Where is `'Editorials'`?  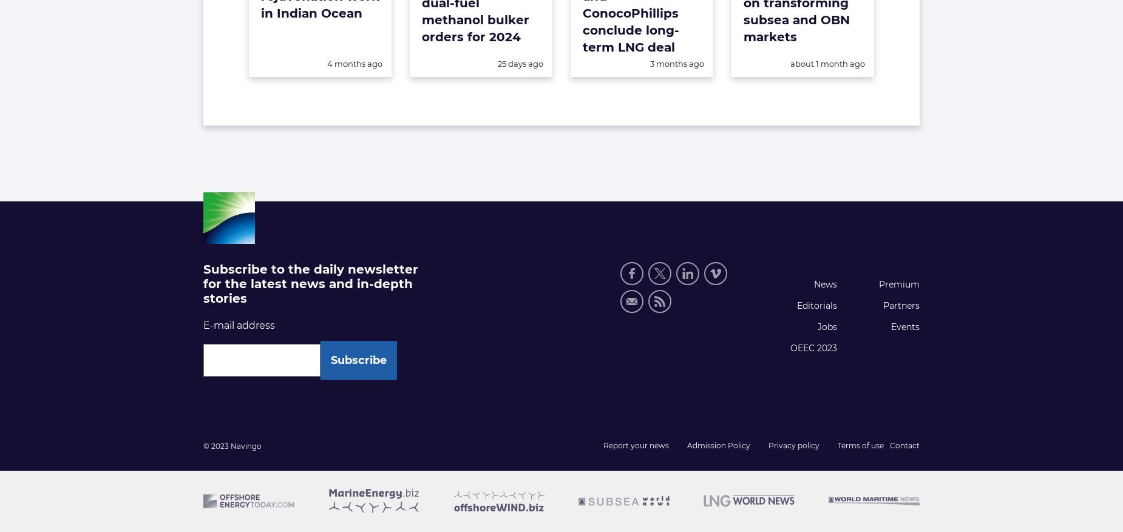
'Editorials' is located at coordinates (815, 304).